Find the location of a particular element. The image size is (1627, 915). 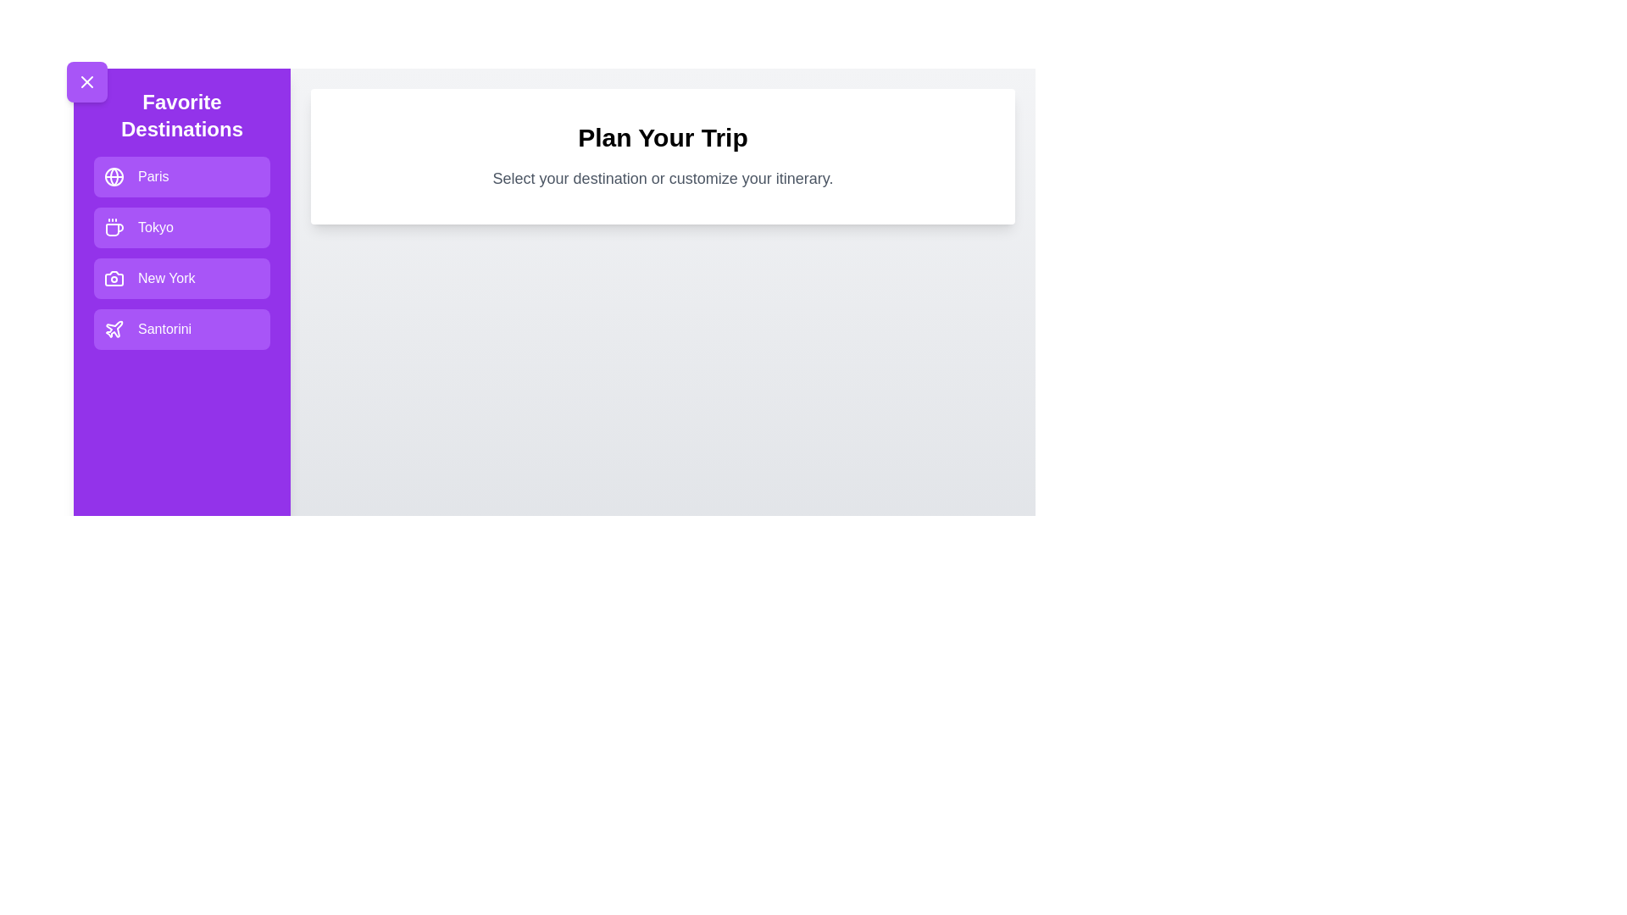

the destination Paris in the sidebar is located at coordinates (182, 176).